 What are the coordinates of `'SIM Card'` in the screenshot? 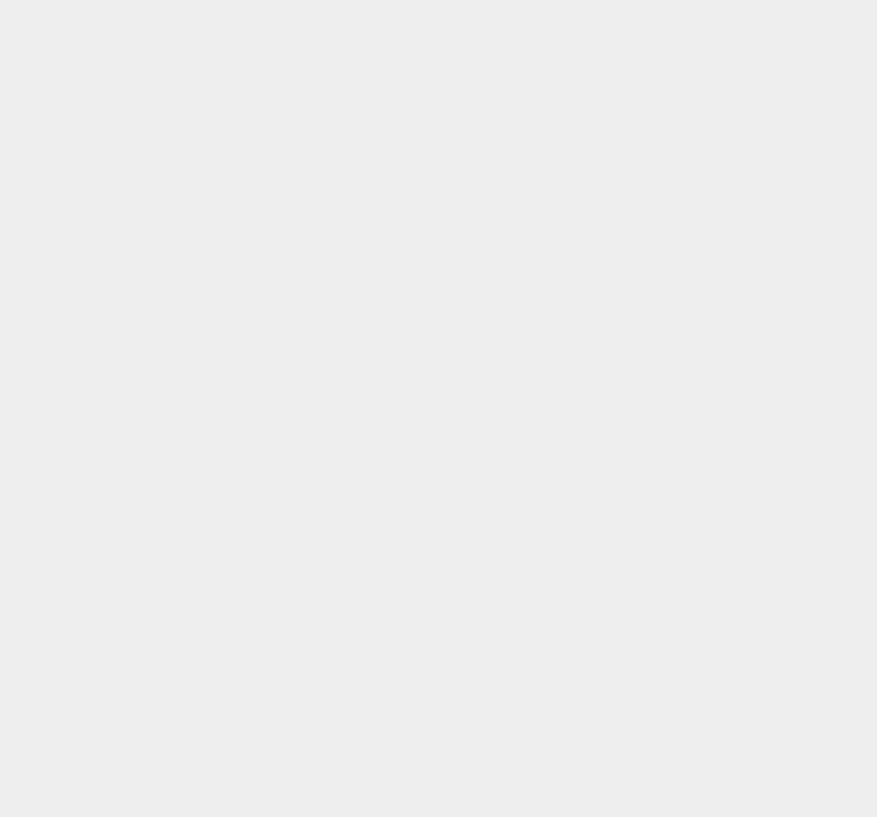 It's located at (641, 697).